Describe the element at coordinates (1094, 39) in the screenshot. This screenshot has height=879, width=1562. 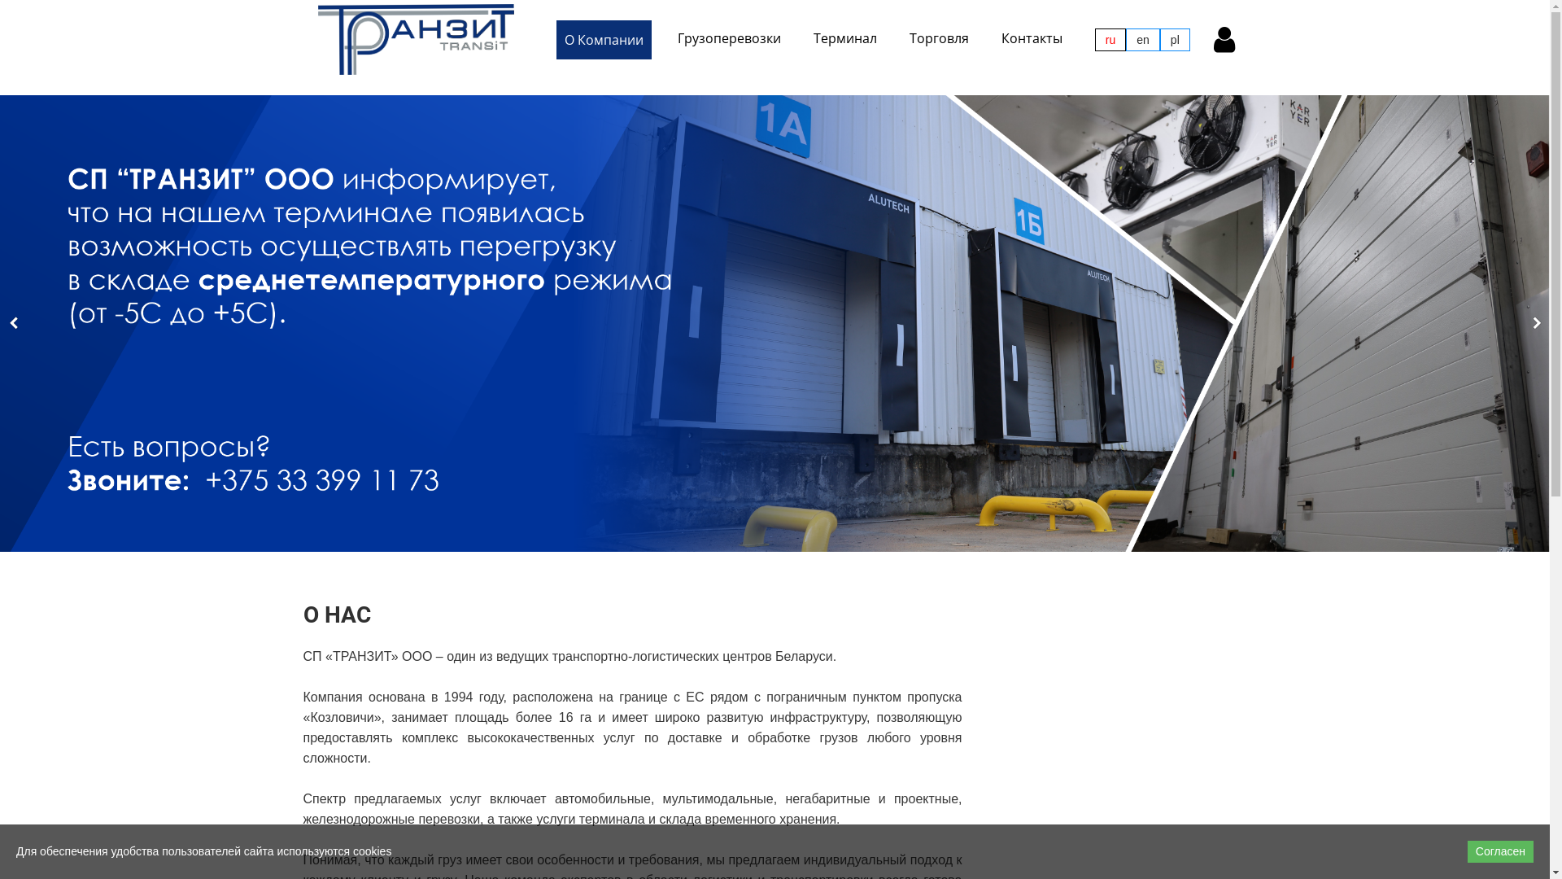
I see `'ru'` at that location.